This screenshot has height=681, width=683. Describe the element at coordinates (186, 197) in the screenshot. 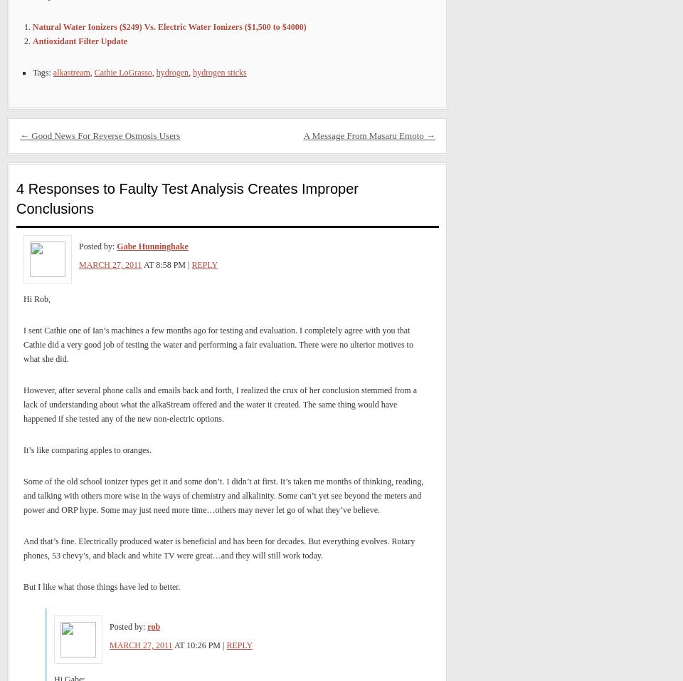

I see `'4 Responses to Faulty Test Analysis Creates Improper Conclusions'` at that location.